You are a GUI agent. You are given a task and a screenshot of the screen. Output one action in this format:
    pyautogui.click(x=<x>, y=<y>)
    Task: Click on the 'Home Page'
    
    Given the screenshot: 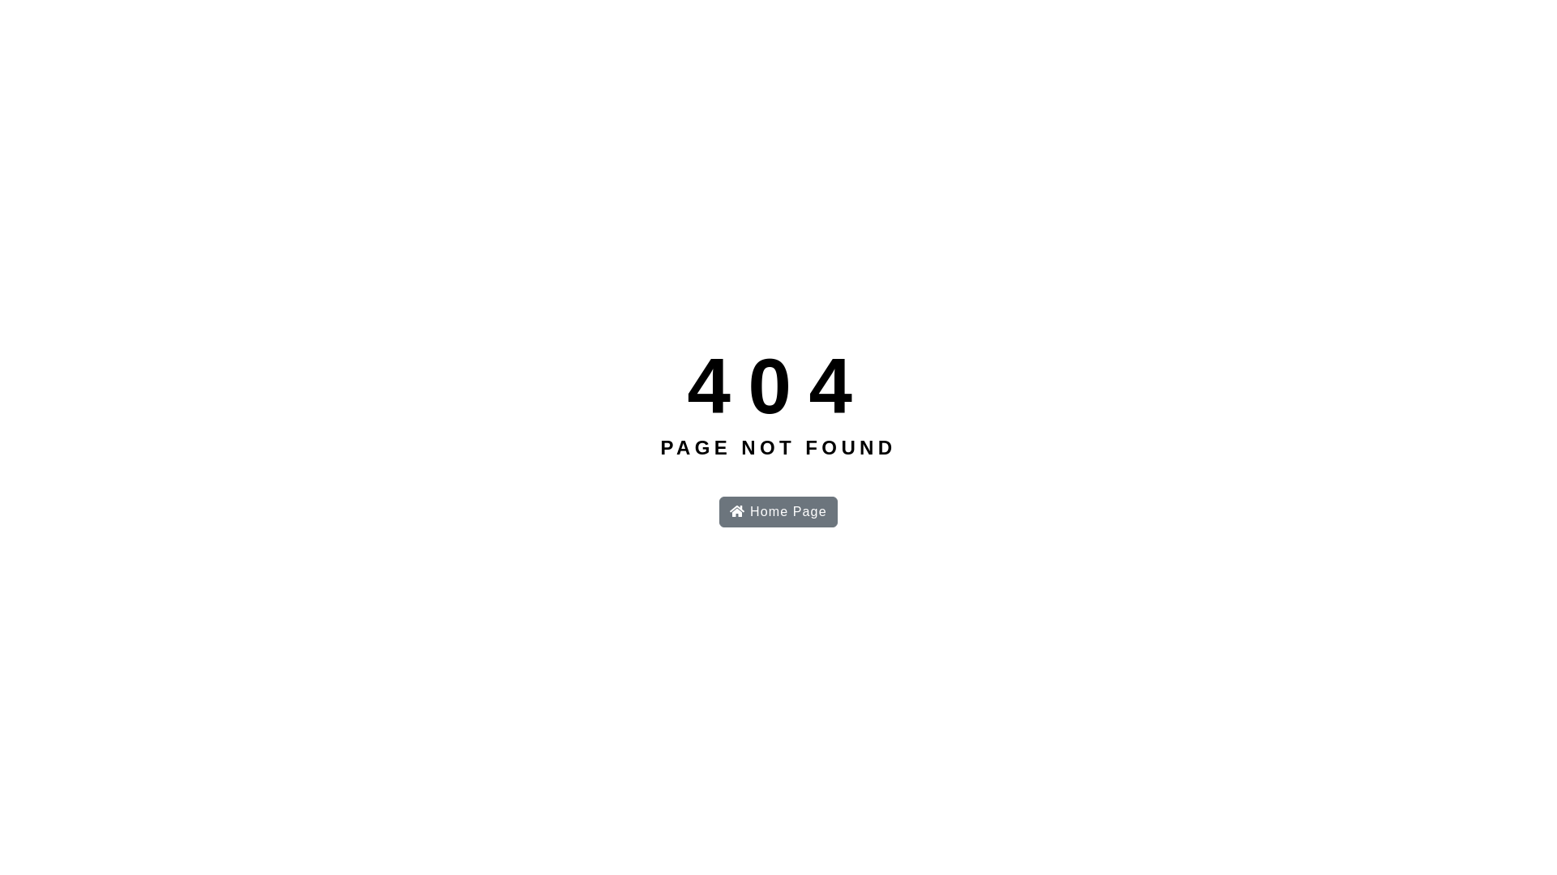 What is the action you would take?
    pyautogui.click(x=718, y=512)
    